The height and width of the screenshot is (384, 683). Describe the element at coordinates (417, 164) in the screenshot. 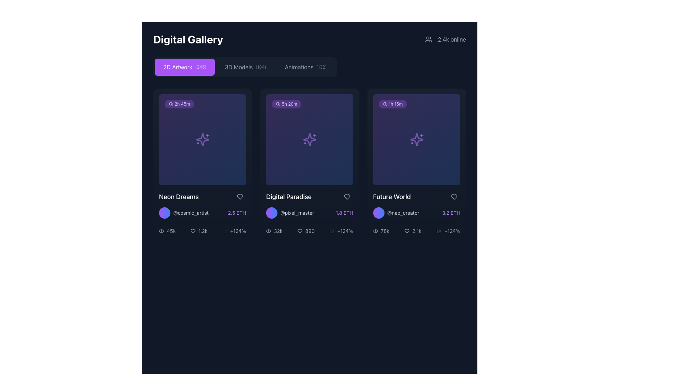

I see `the Interactive Card displaying 'Future World', which is the third card` at that location.